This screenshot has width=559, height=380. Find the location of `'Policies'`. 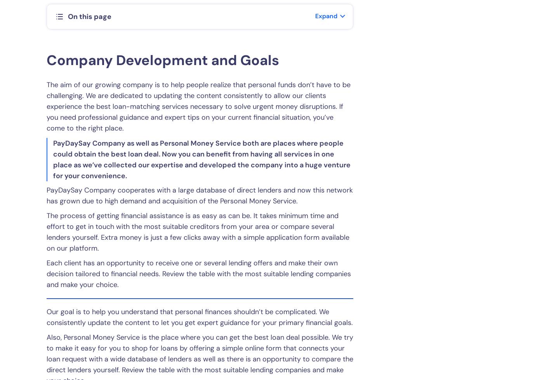

'Policies' is located at coordinates (135, 251).